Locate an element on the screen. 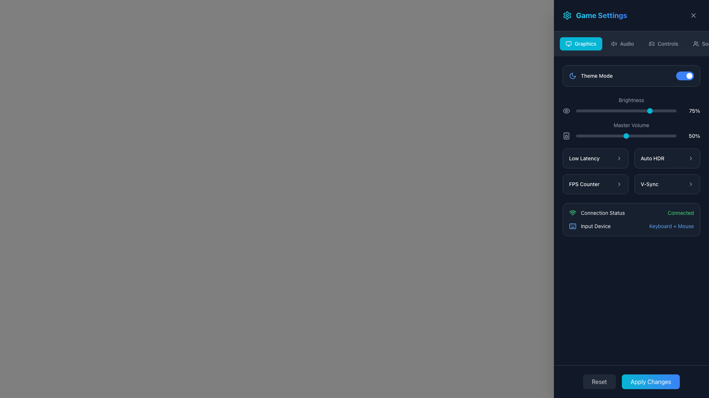  the input device icon located in the lower right portion of the interface, preceding the label 'Input Device' is located at coordinates (572, 226).